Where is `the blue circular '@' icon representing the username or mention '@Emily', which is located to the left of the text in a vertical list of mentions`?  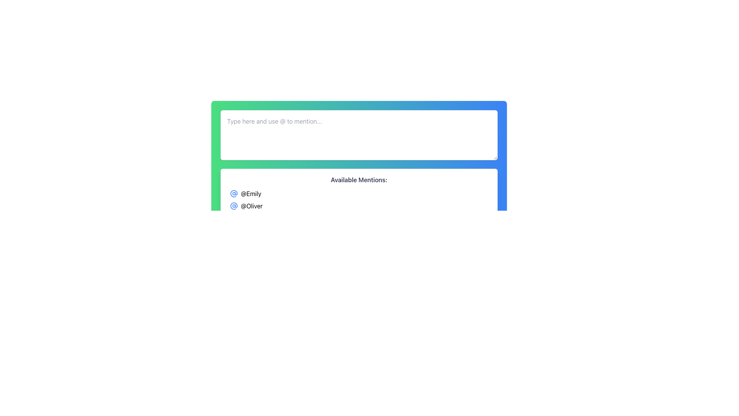 the blue circular '@' icon representing the username or mention '@Emily', which is located to the left of the text in a vertical list of mentions is located at coordinates (234, 193).